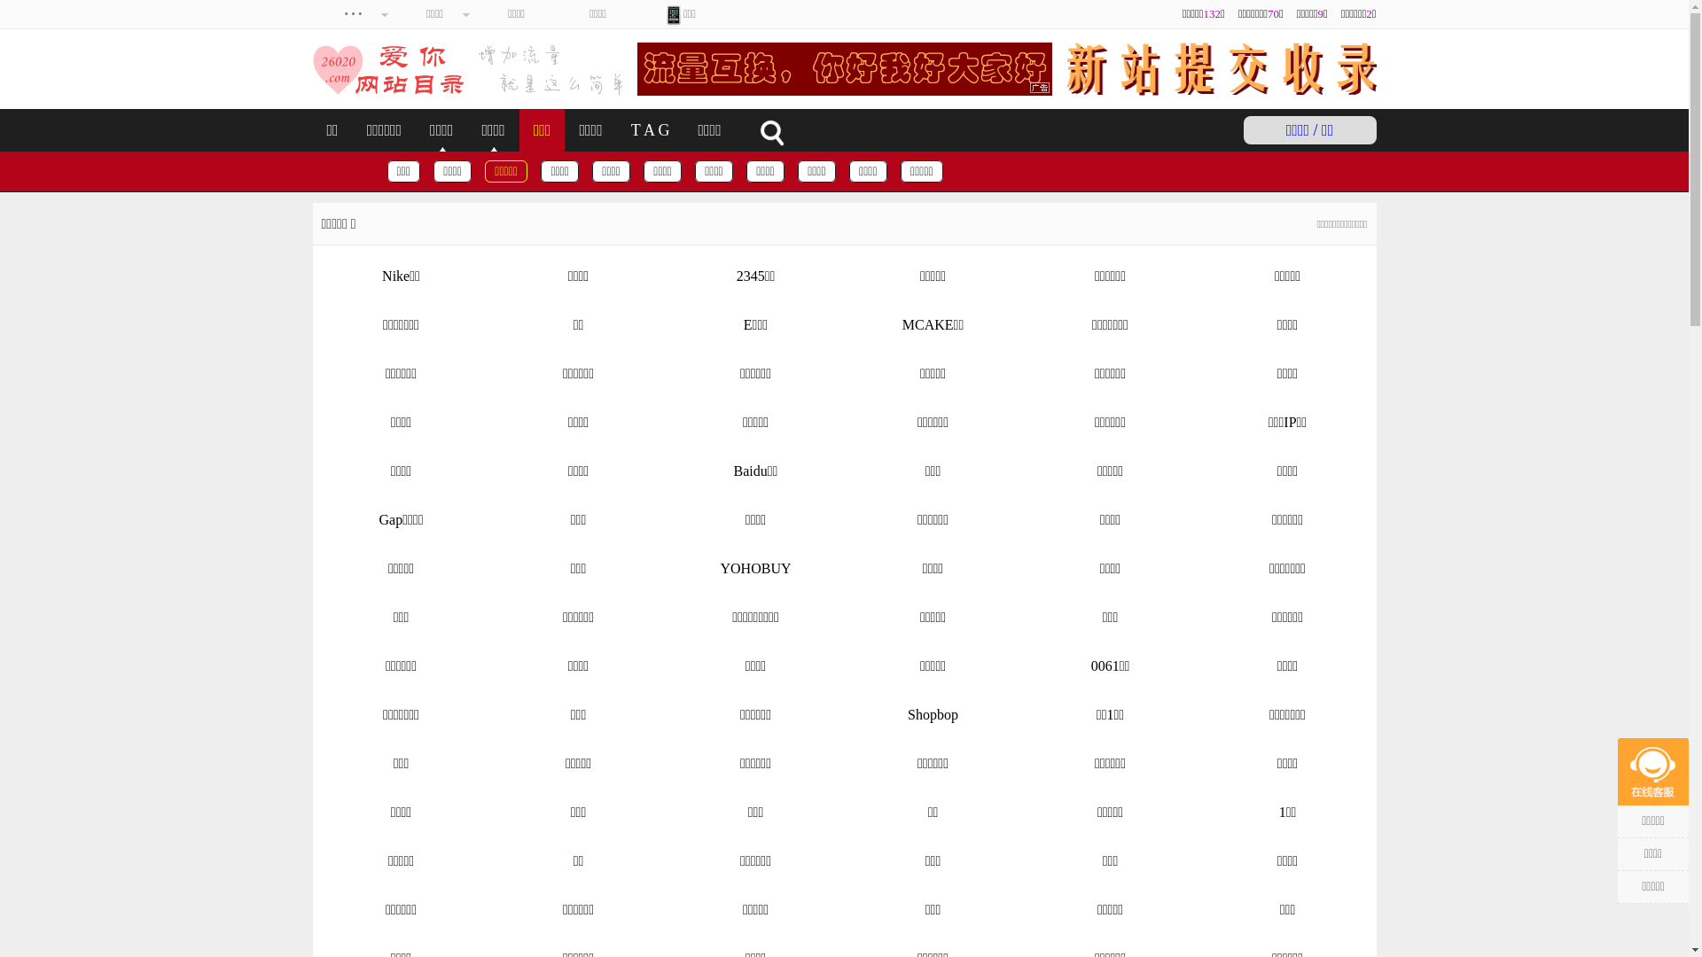 This screenshot has height=957, width=1702. What do you see at coordinates (650, 128) in the screenshot?
I see `'T A G'` at bounding box center [650, 128].